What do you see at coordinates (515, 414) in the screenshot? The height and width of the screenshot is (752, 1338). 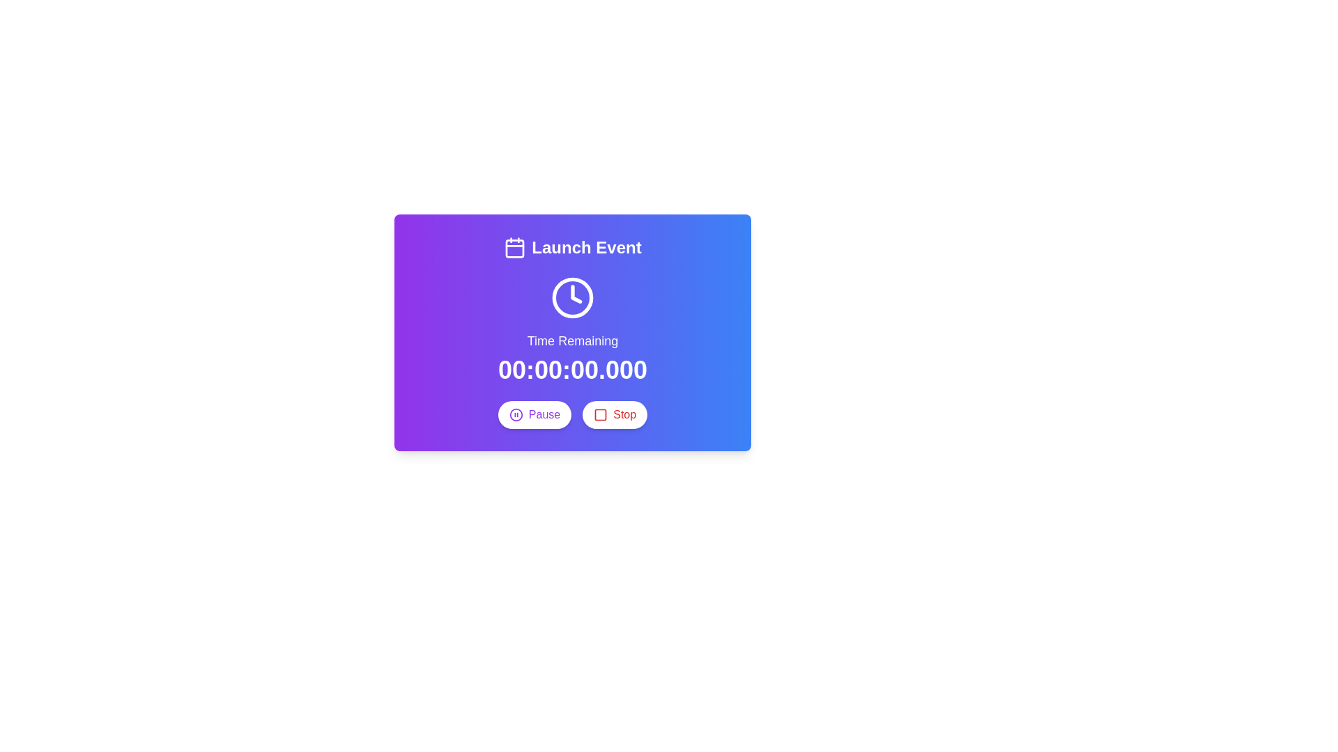 I see `the circular pause icon with a white background and purple borders, located to the left of the 'Pause' text within the application's card interface` at bounding box center [515, 414].